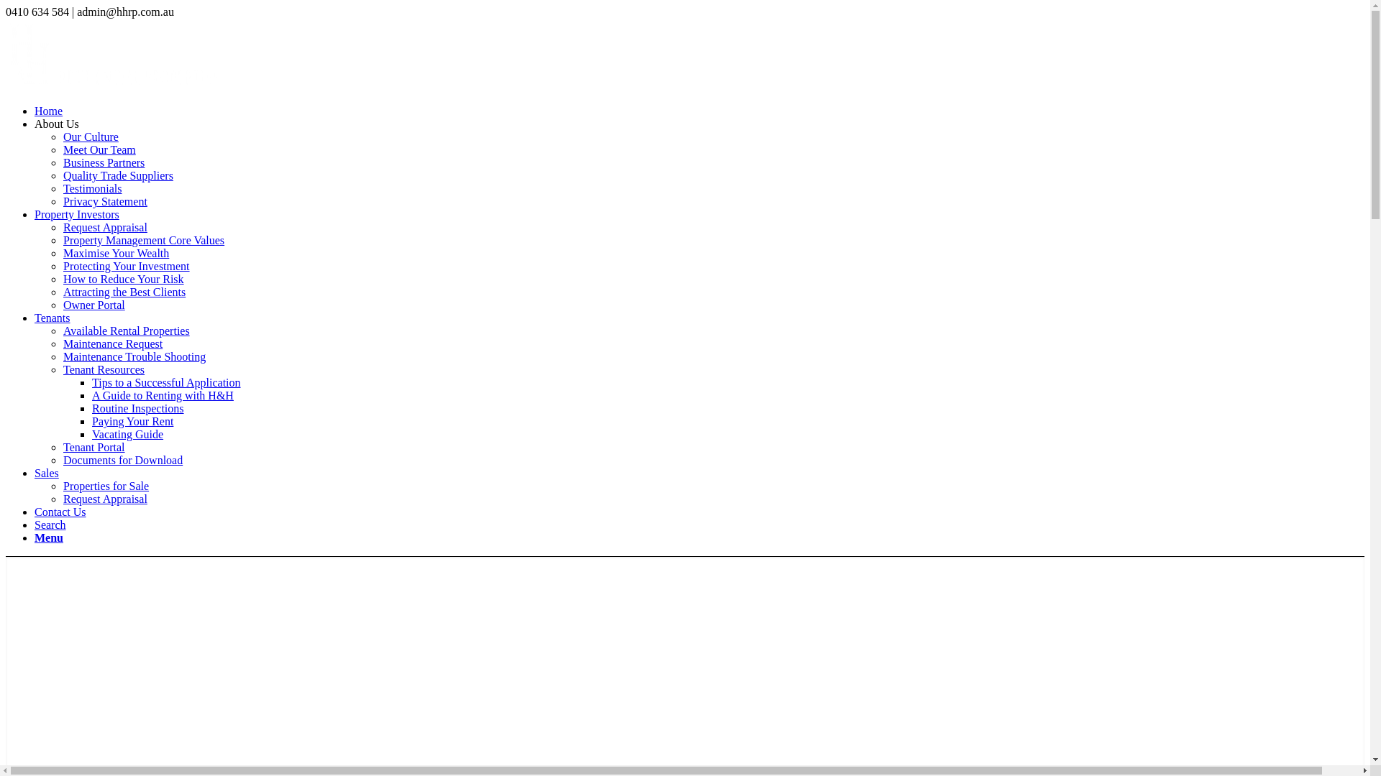  I want to click on 'Maximise Your Wealth', so click(116, 252).